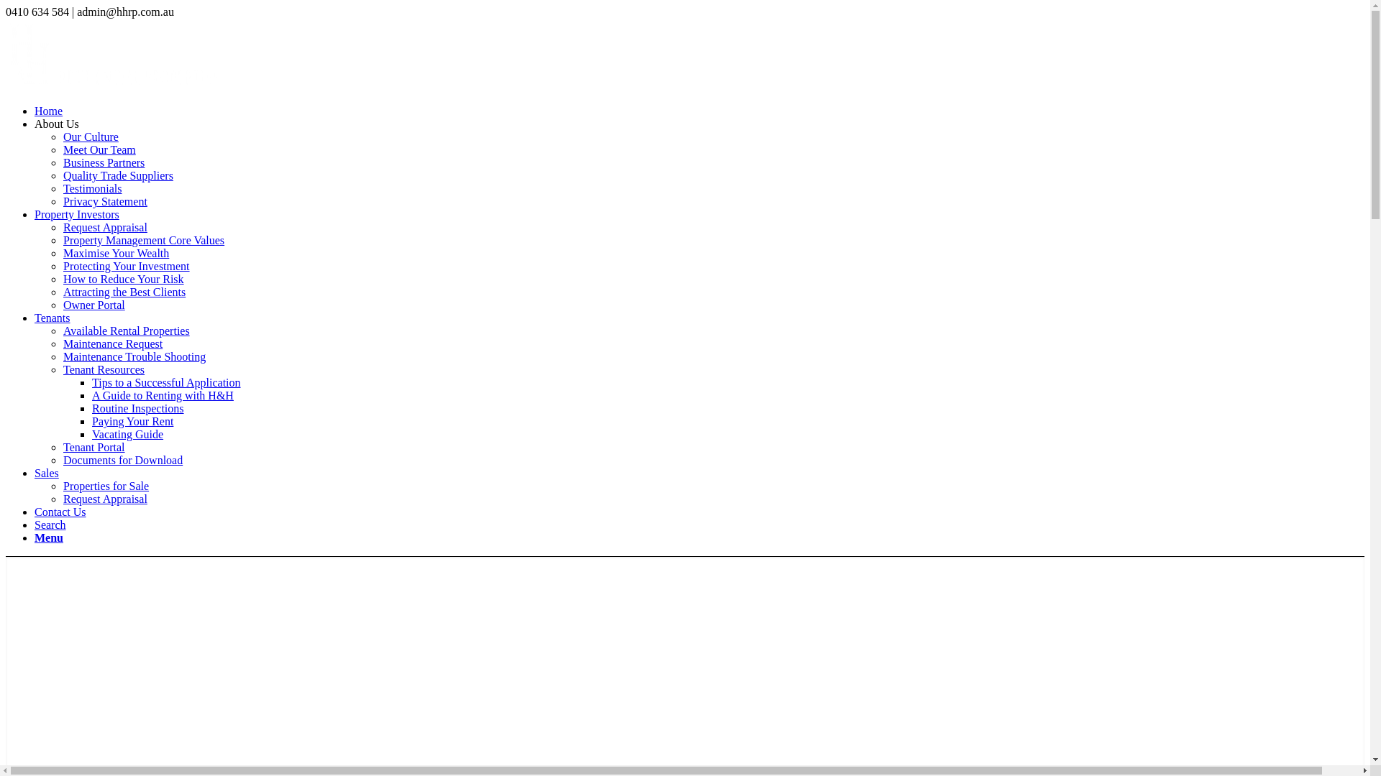  I want to click on 'Maximise Your Wealth', so click(116, 252).